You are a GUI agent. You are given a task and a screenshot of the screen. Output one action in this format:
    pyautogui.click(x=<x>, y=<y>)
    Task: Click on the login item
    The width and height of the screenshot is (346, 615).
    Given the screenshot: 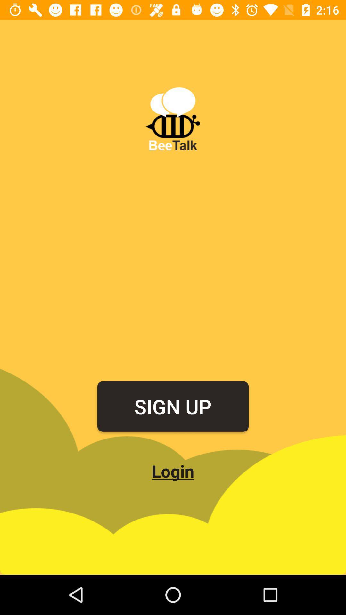 What is the action you would take?
    pyautogui.click(x=173, y=471)
    